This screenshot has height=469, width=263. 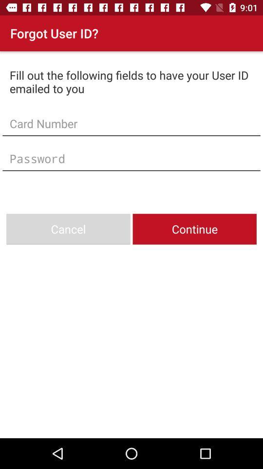 I want to click on continue item, so click(x=194, y=229).